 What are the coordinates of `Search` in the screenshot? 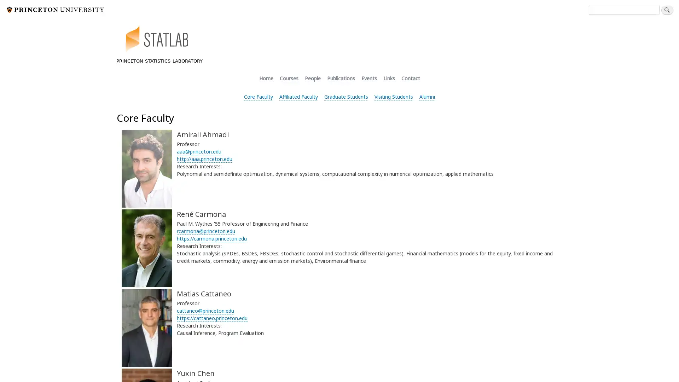 It's located at (667, 10).